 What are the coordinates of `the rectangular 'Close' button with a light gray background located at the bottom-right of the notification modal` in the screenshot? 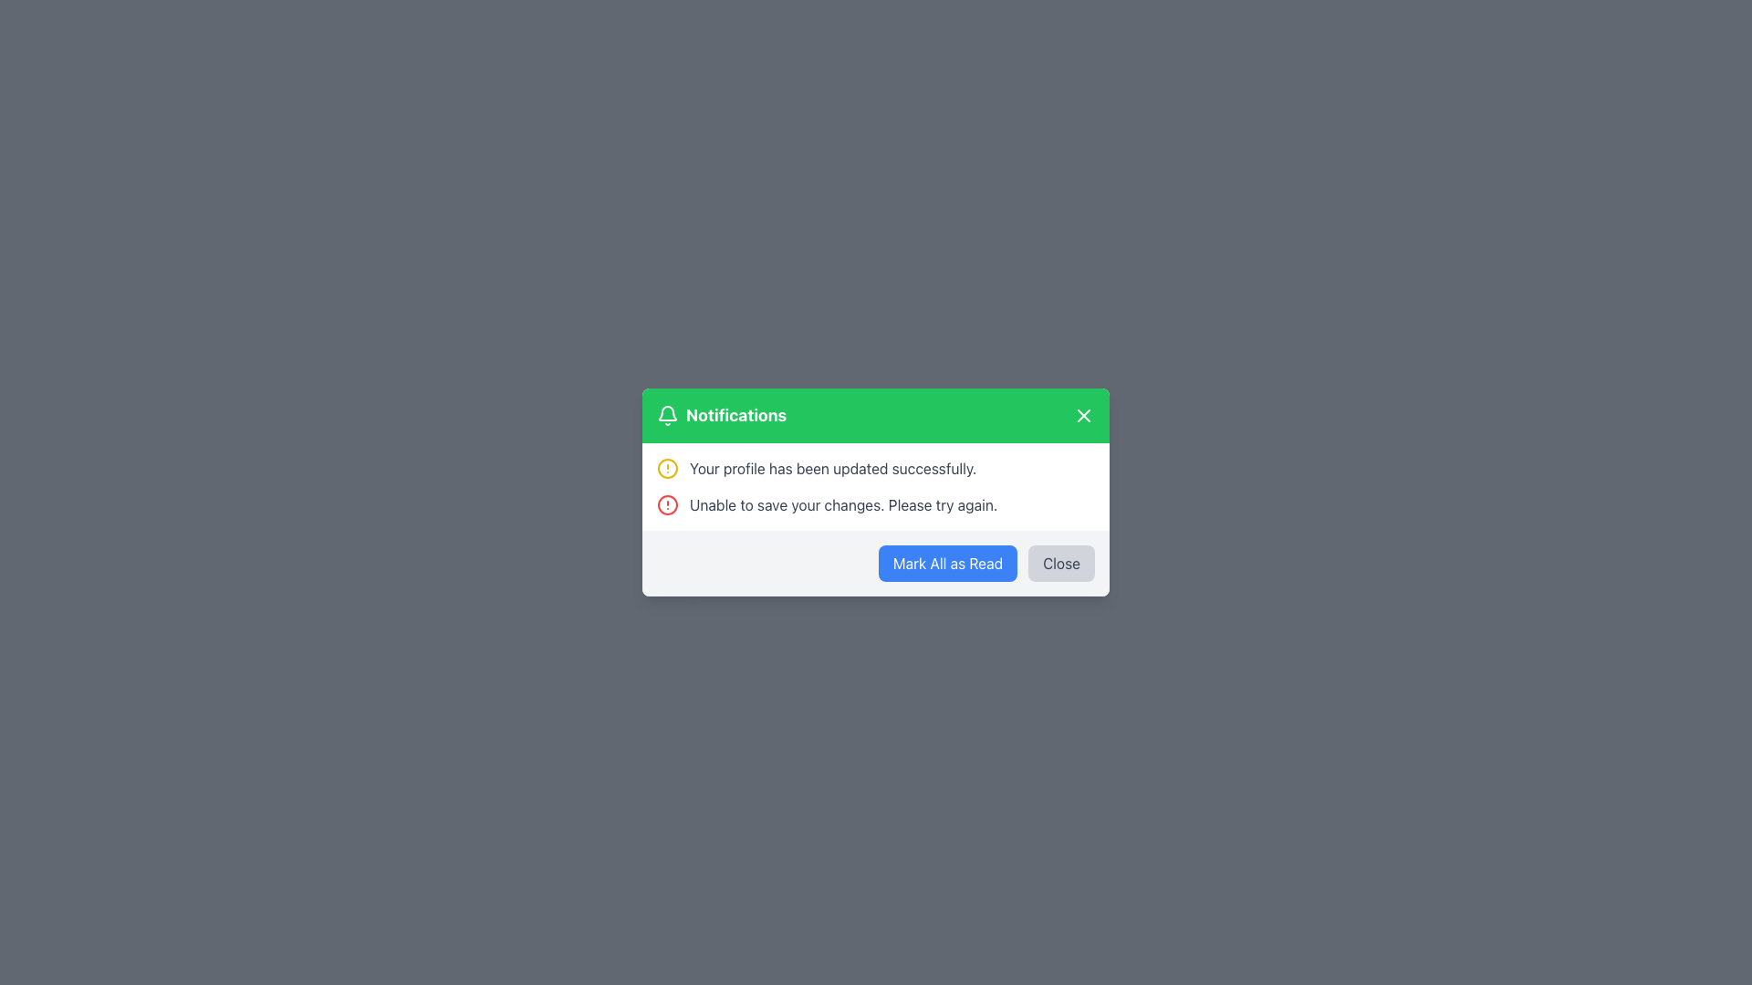 It's located at (1061, 562).